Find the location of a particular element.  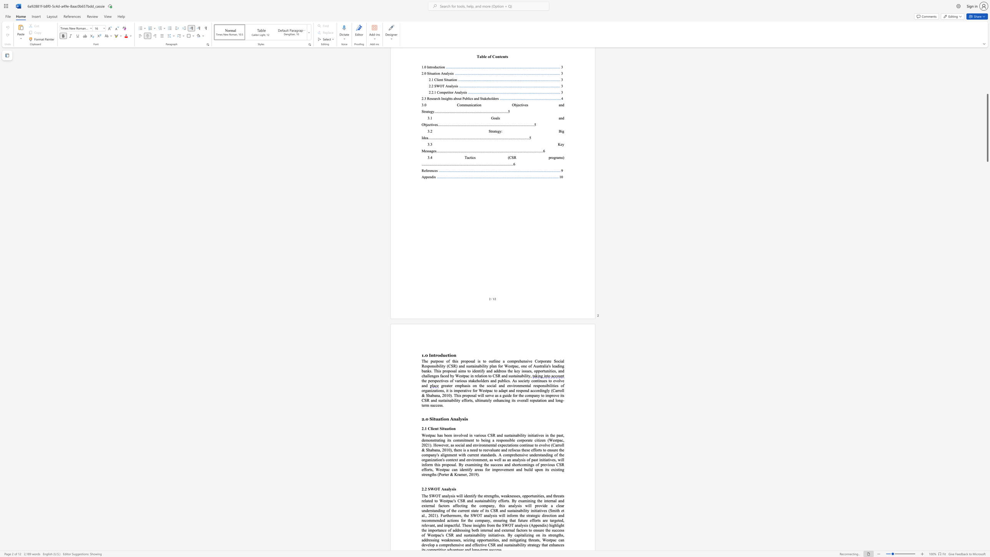

the 1th character "g" in the text is located at coordinates (444, 440).